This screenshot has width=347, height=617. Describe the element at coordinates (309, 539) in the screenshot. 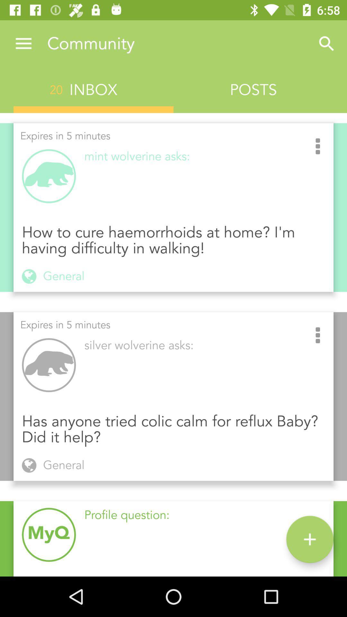

I see `item next to profile question:` at that location.